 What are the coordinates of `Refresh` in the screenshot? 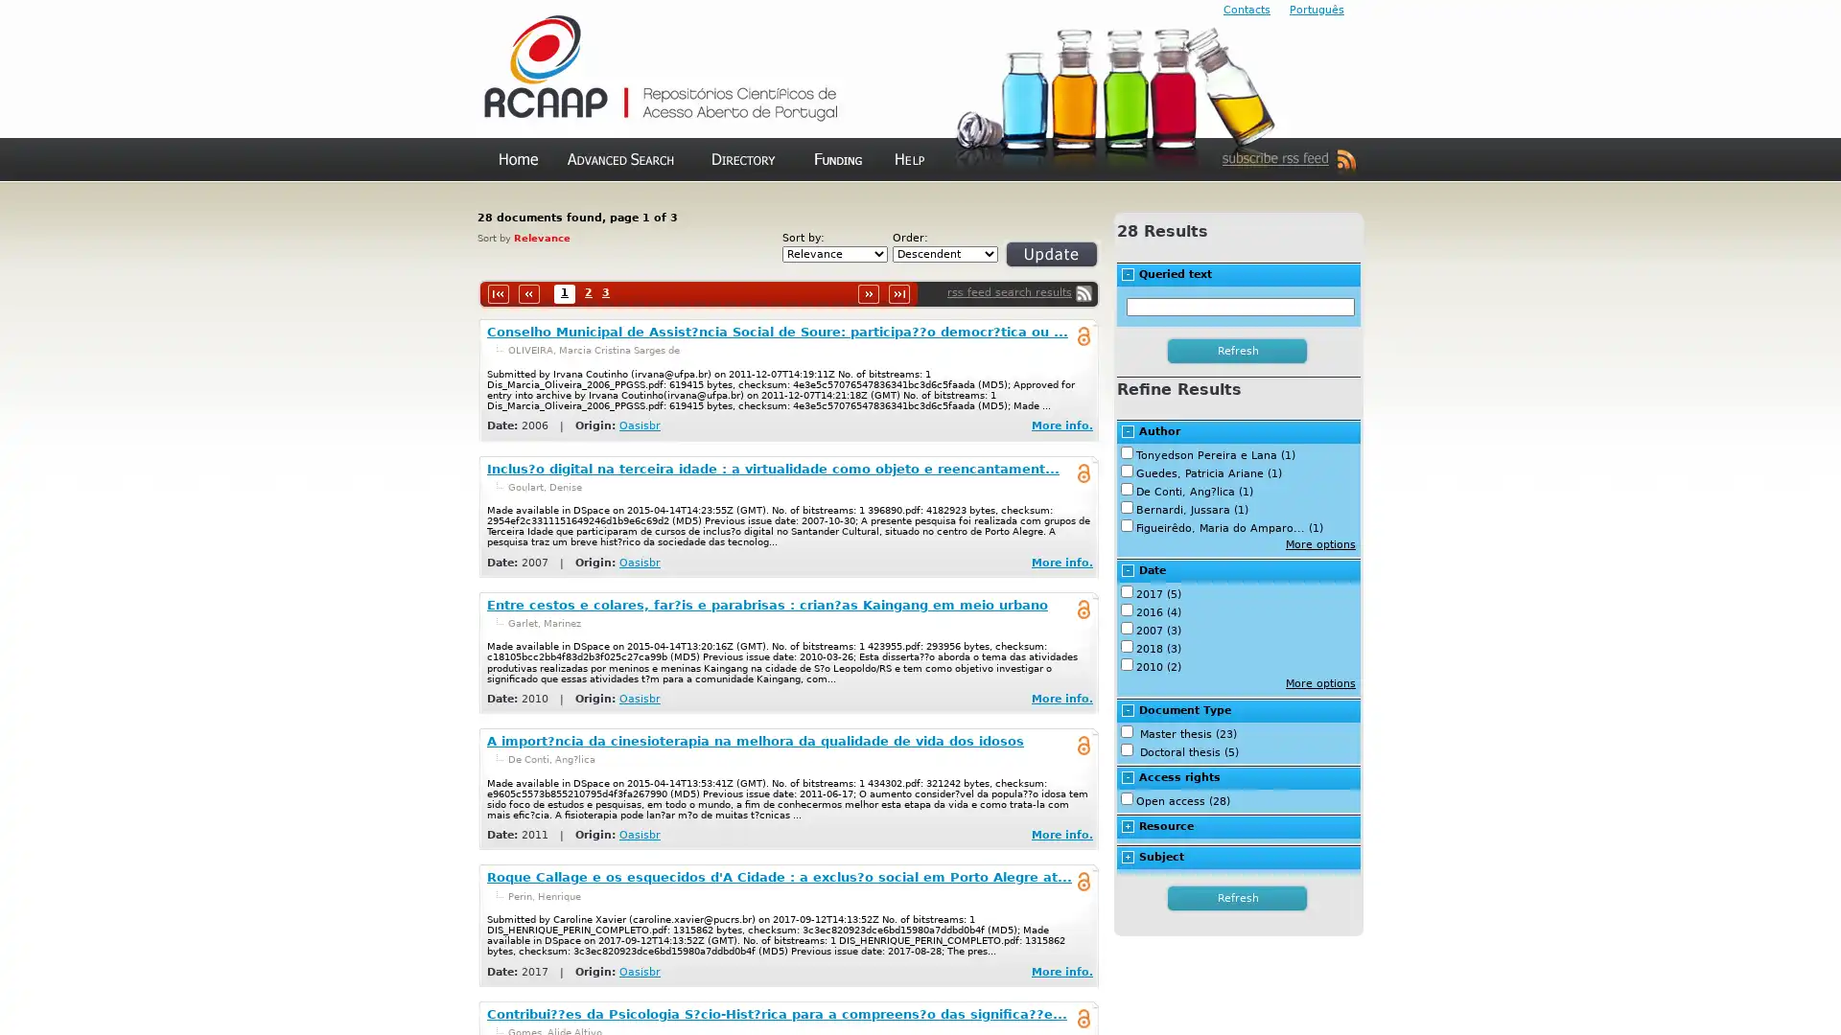 It's located at (1028, 262).